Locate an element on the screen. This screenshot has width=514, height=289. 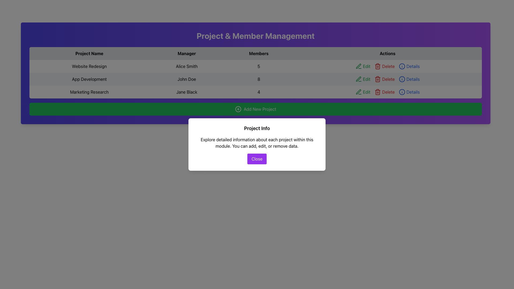
additional details by clicking the circular graphical icon with a blue border and gray fill located in the third row under the Actions column next to the Details link is located at coordinates (402, 79).